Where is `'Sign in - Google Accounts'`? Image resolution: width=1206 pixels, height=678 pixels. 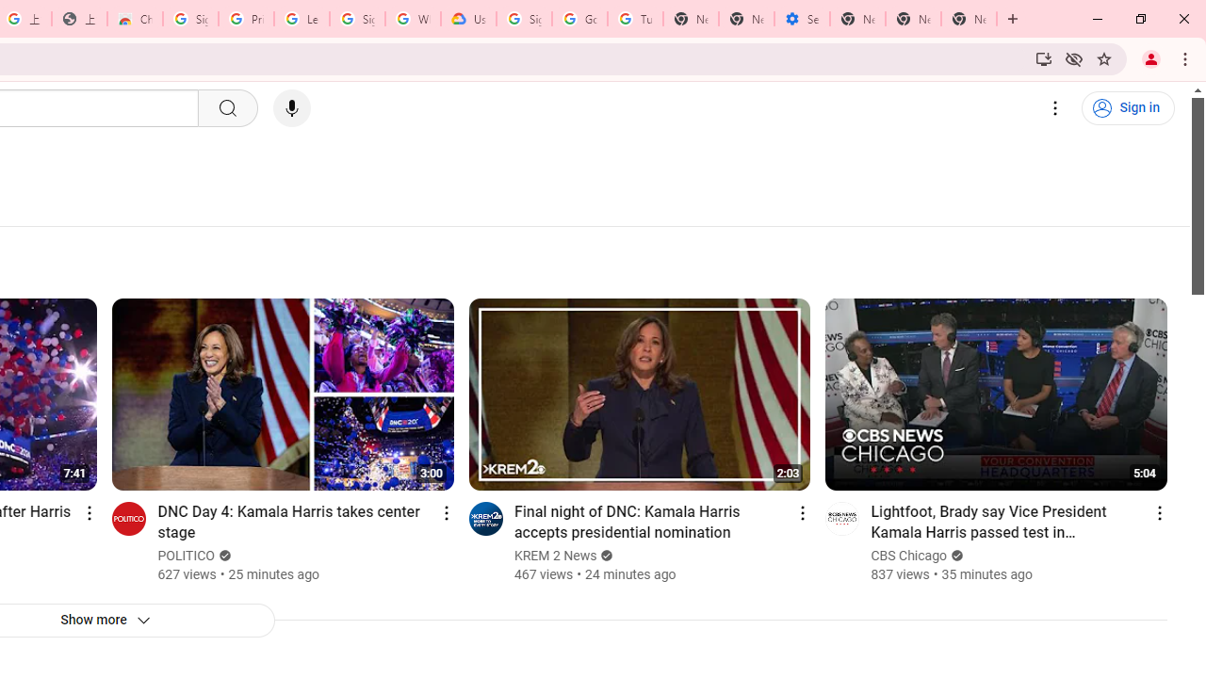 'Sign in - Google Accounts' is located at coordinates (190, 19).